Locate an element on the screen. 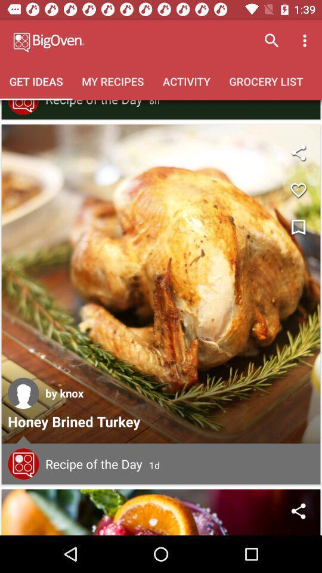 This screenshot has height=573, width=322. share the recipe is located at coordinates (161, 512).